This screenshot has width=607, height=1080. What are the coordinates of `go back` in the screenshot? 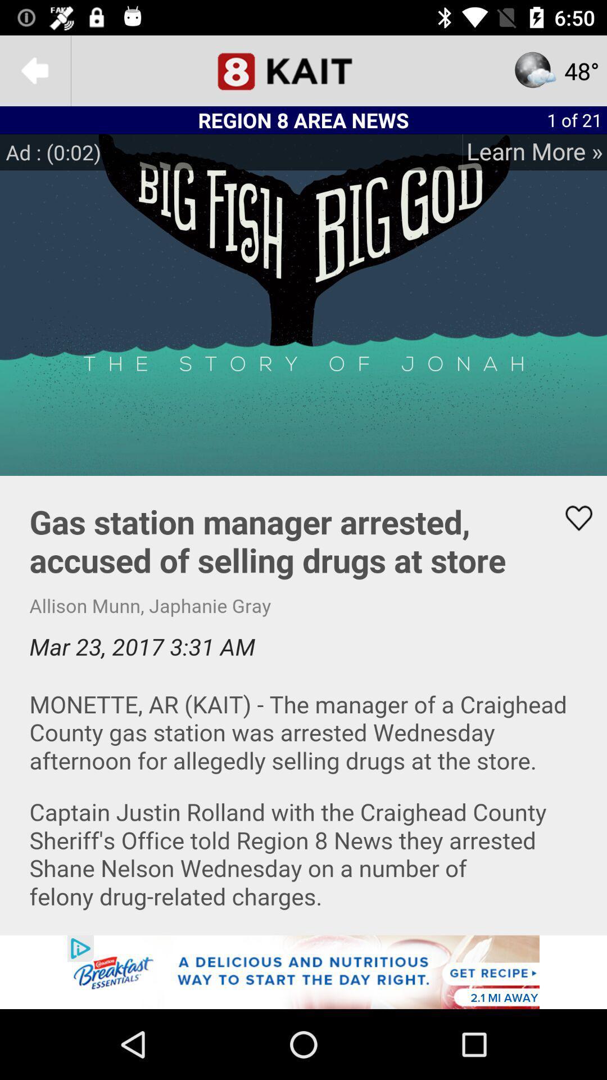 It's located at (34, 70).